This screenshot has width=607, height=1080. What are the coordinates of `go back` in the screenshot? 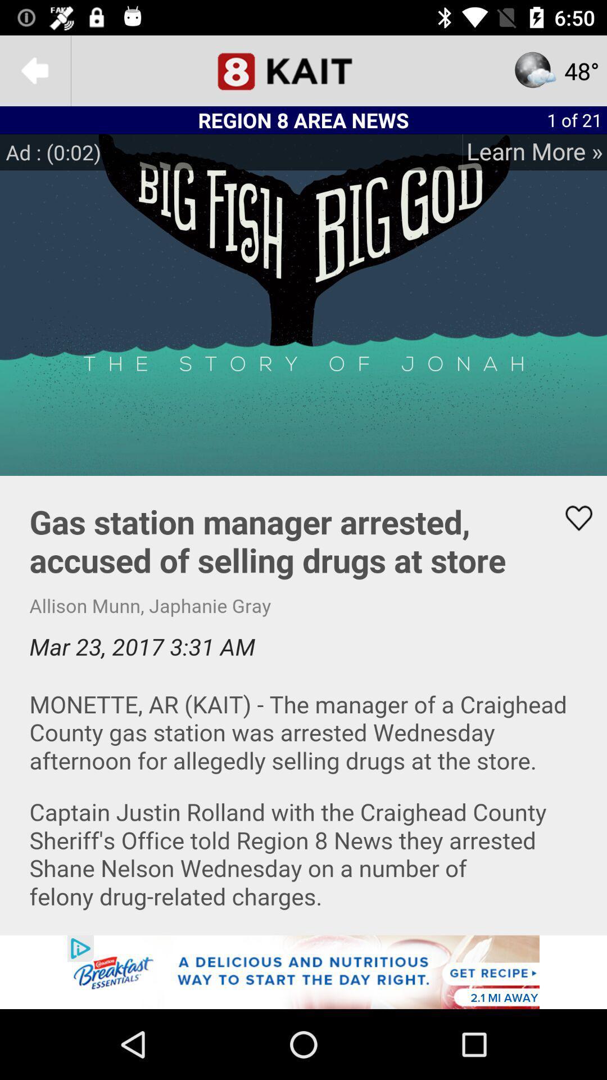 It's located at (34, 70).